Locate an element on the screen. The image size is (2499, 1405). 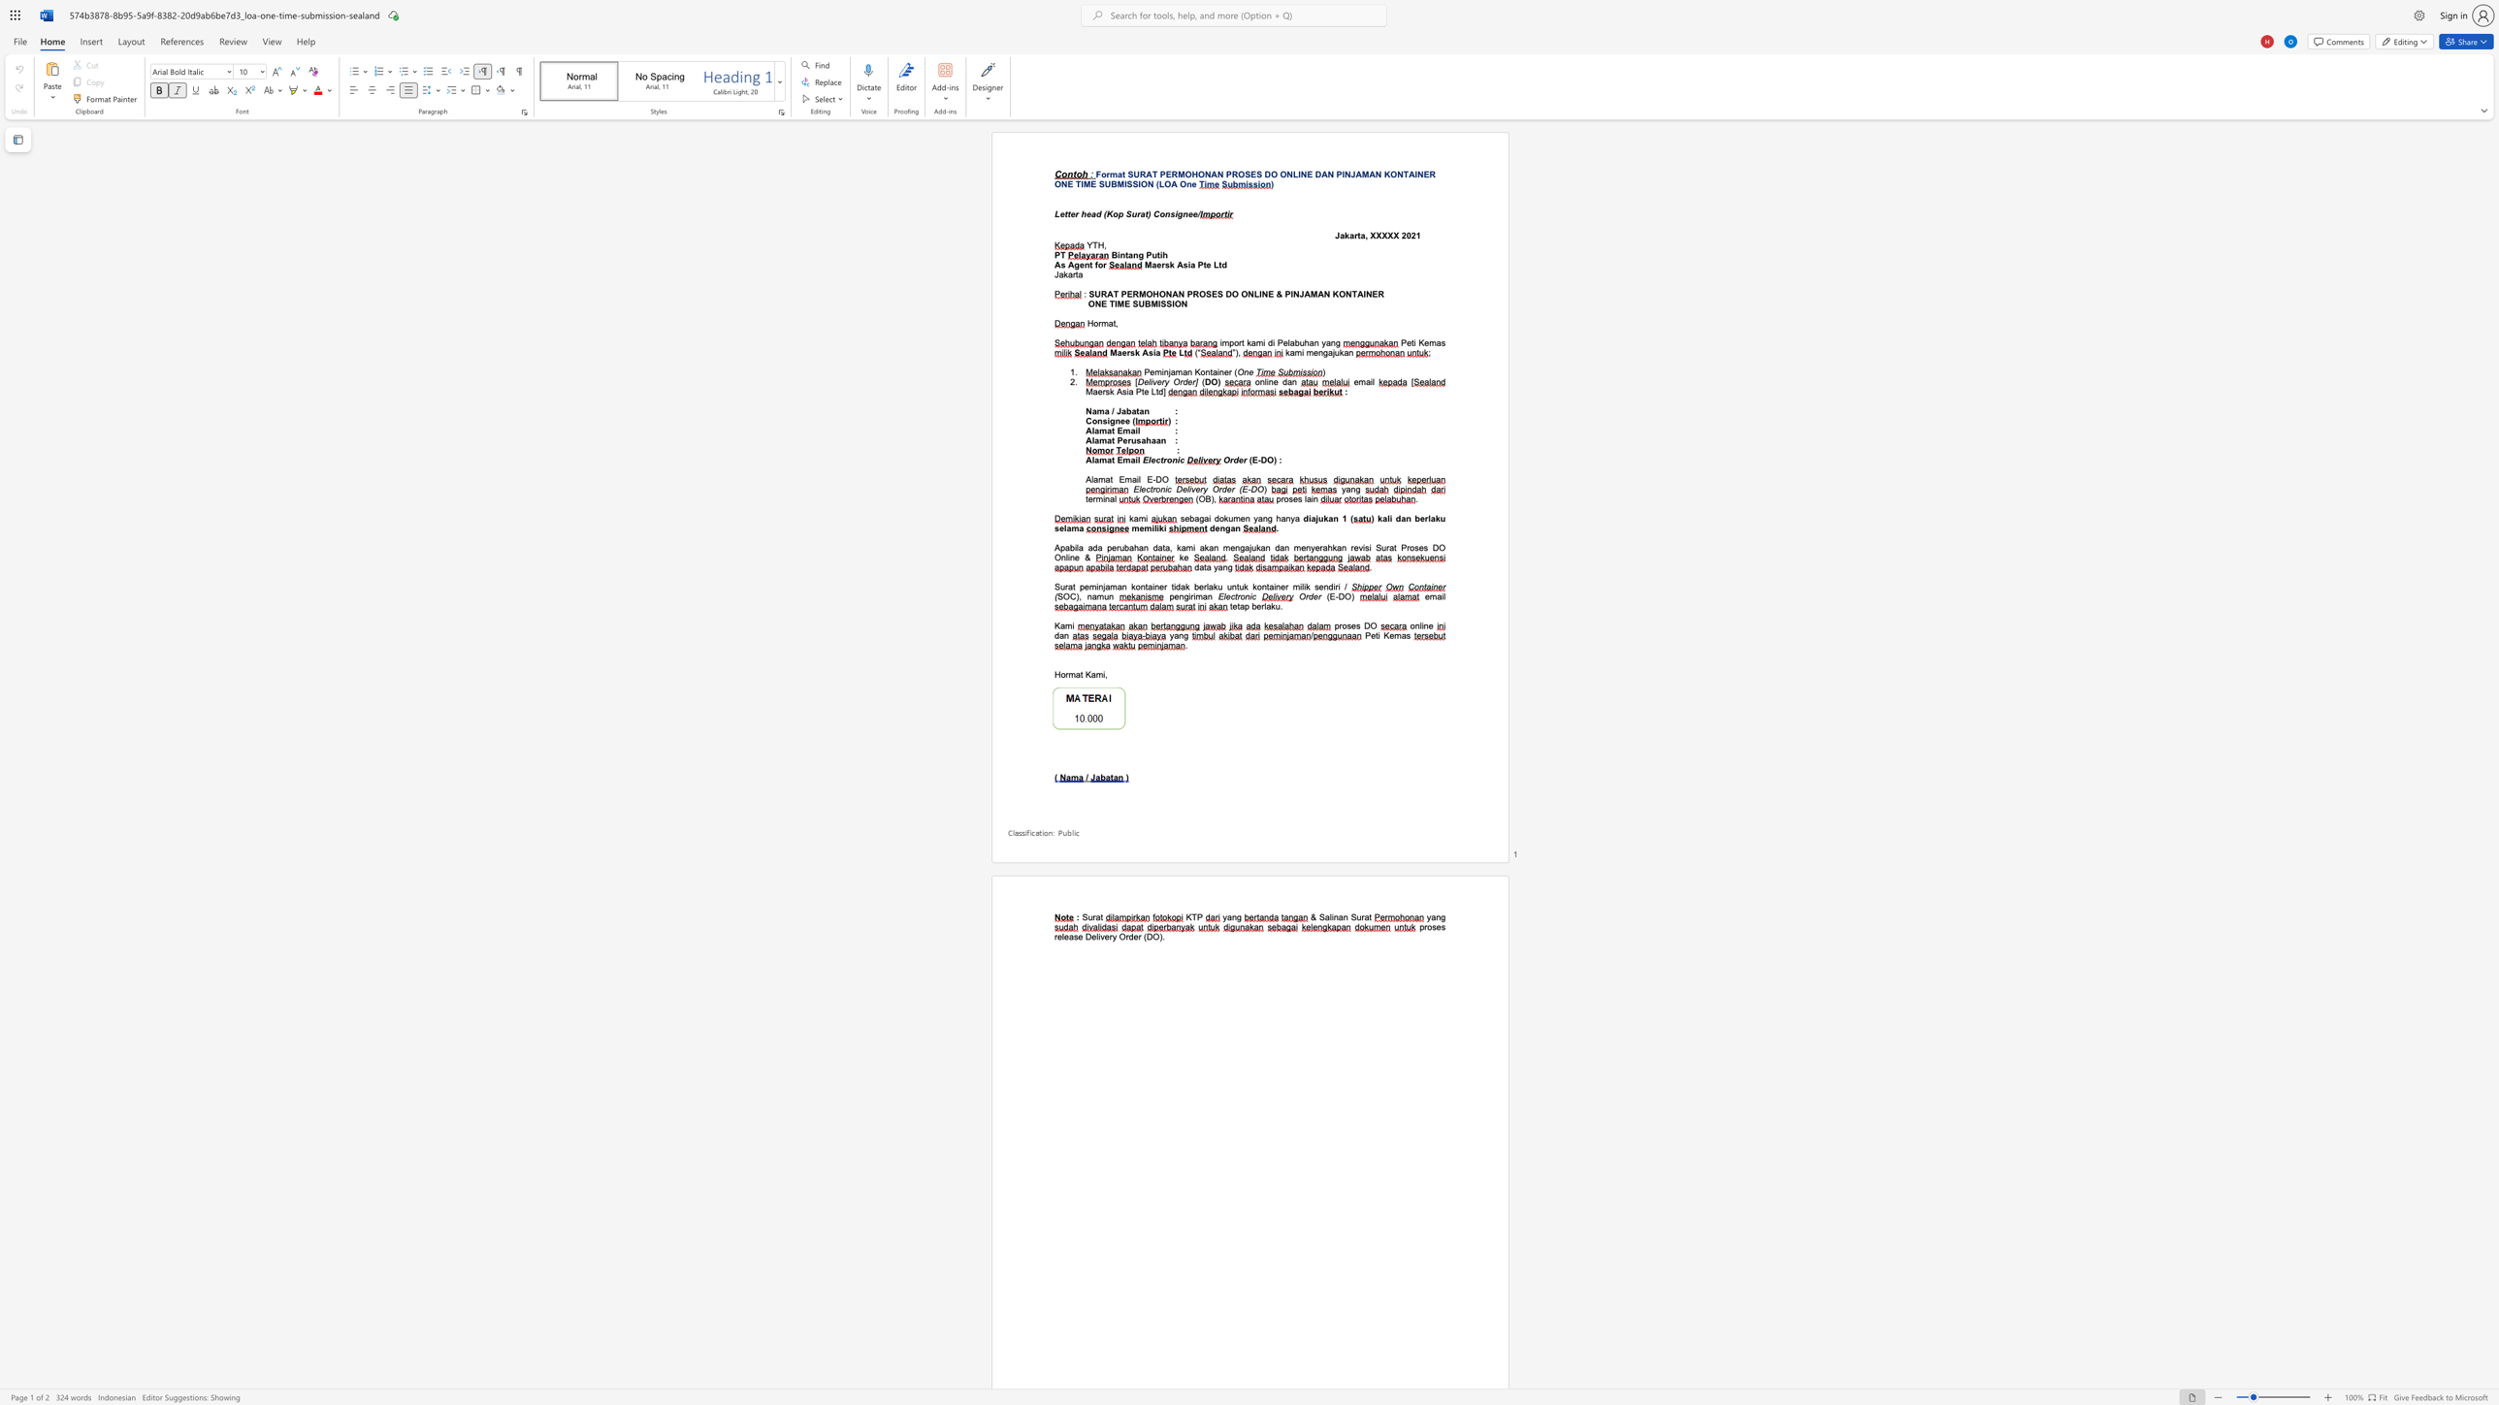
the space between the continuous character "l" and "i" in the text is located at coordinates (1189, 489).